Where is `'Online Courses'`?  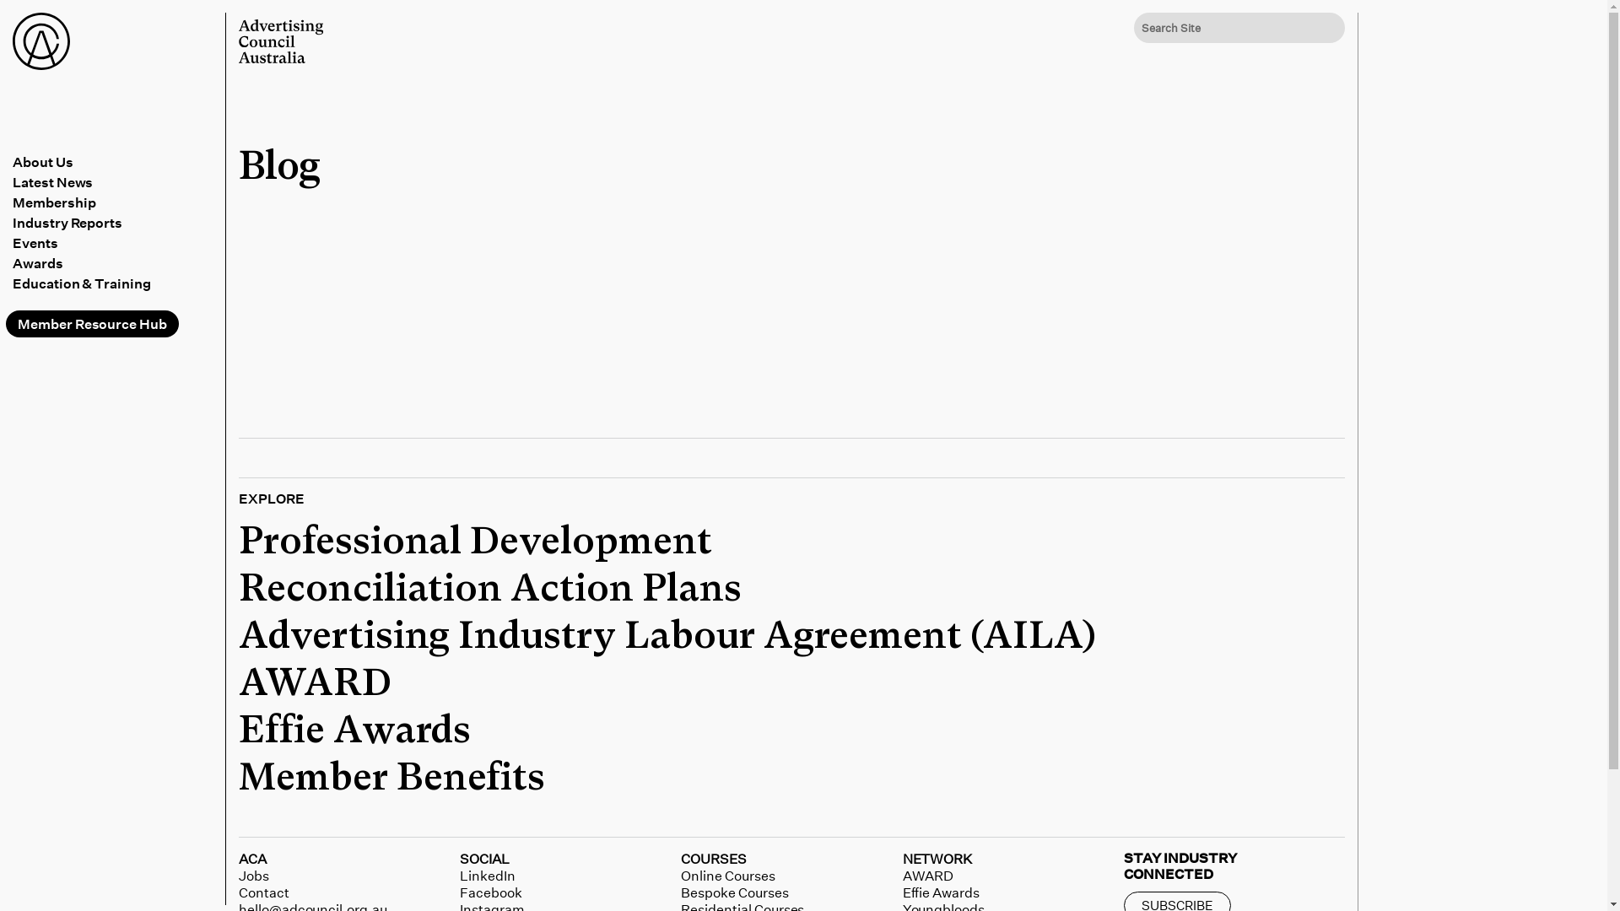 'Online Courses' is located at coordinates (727, 874).